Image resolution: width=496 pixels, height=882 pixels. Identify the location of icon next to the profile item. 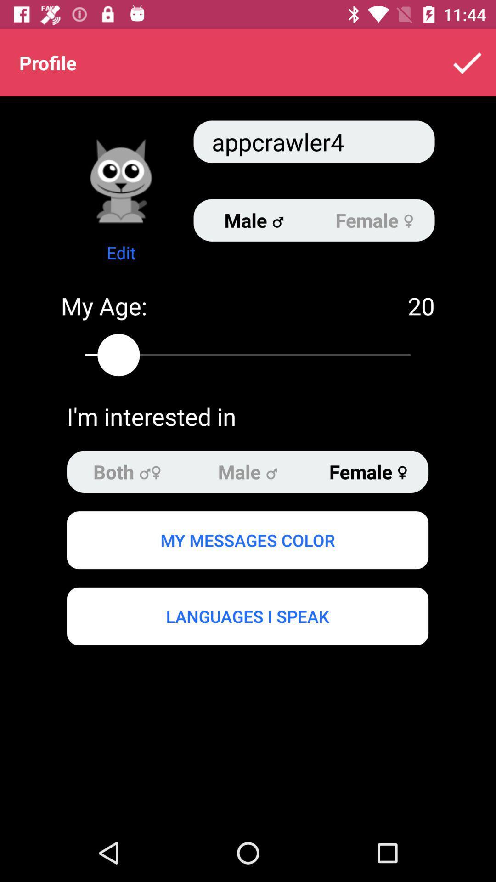
(467, 62).